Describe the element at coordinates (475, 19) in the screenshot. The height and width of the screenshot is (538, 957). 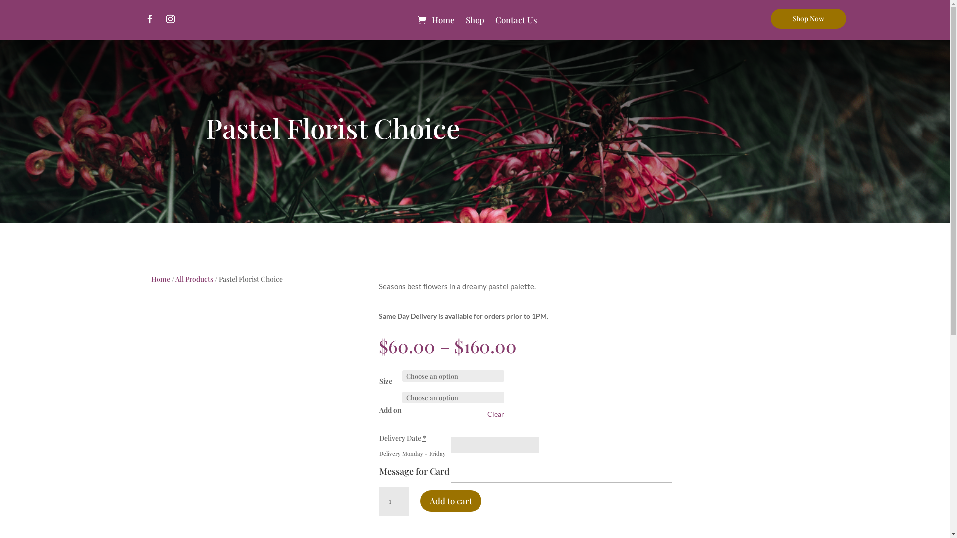
I see `'Shop'` at that location.